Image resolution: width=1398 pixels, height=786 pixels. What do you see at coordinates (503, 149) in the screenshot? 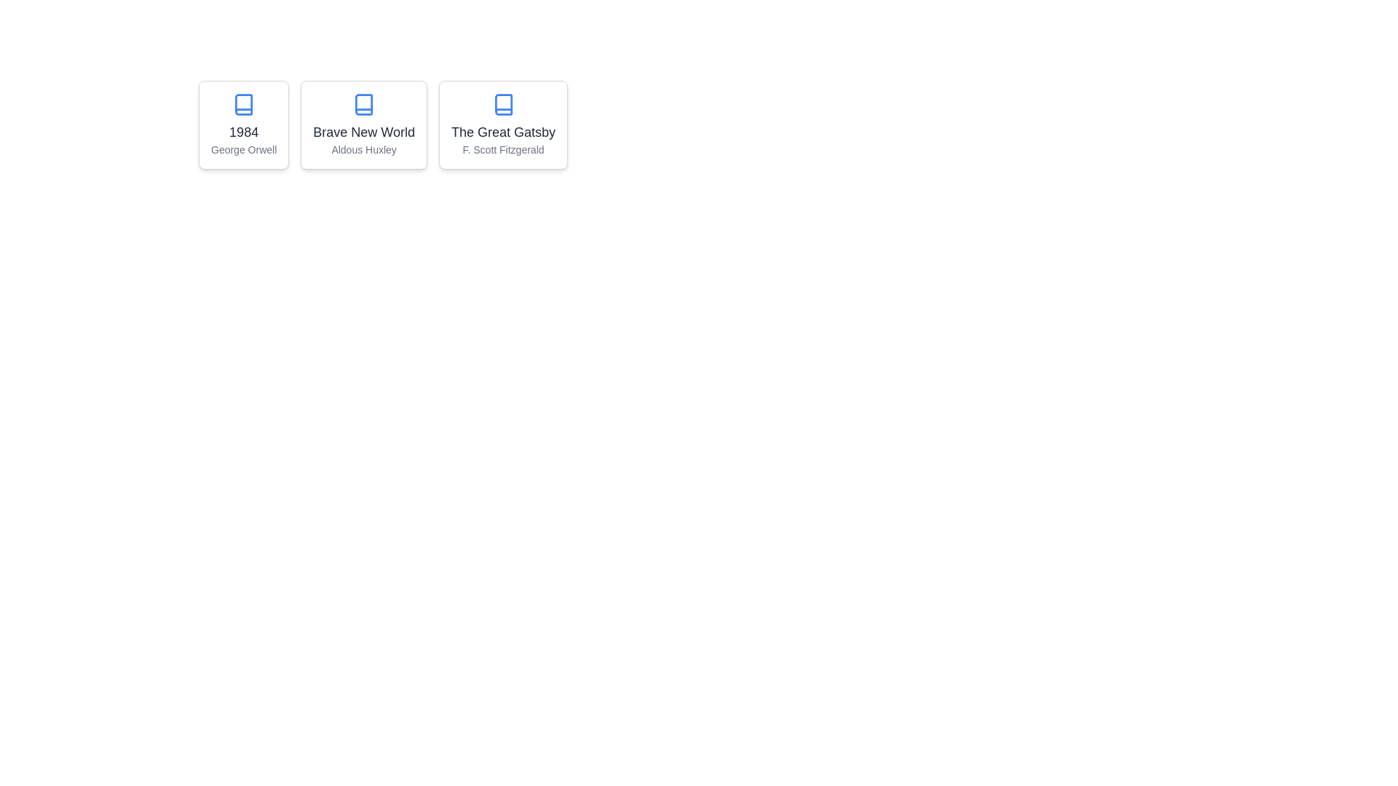
I see `the label displaying 'F. Scott Fitzgerald' which is positioned under the title 'The Great Gatsby' in a gray color and smaller font size` at bounding box center [503, 149].